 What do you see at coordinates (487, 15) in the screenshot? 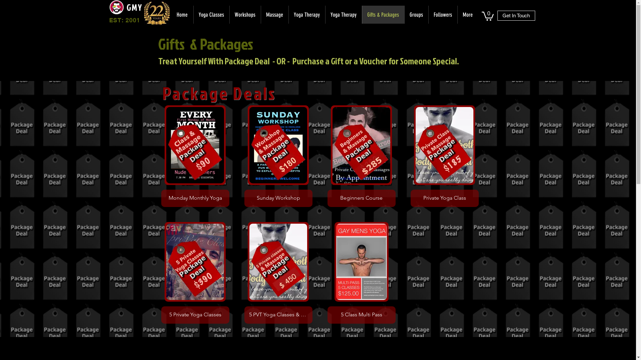
I see `'0'` at bounding box center [487, 15].